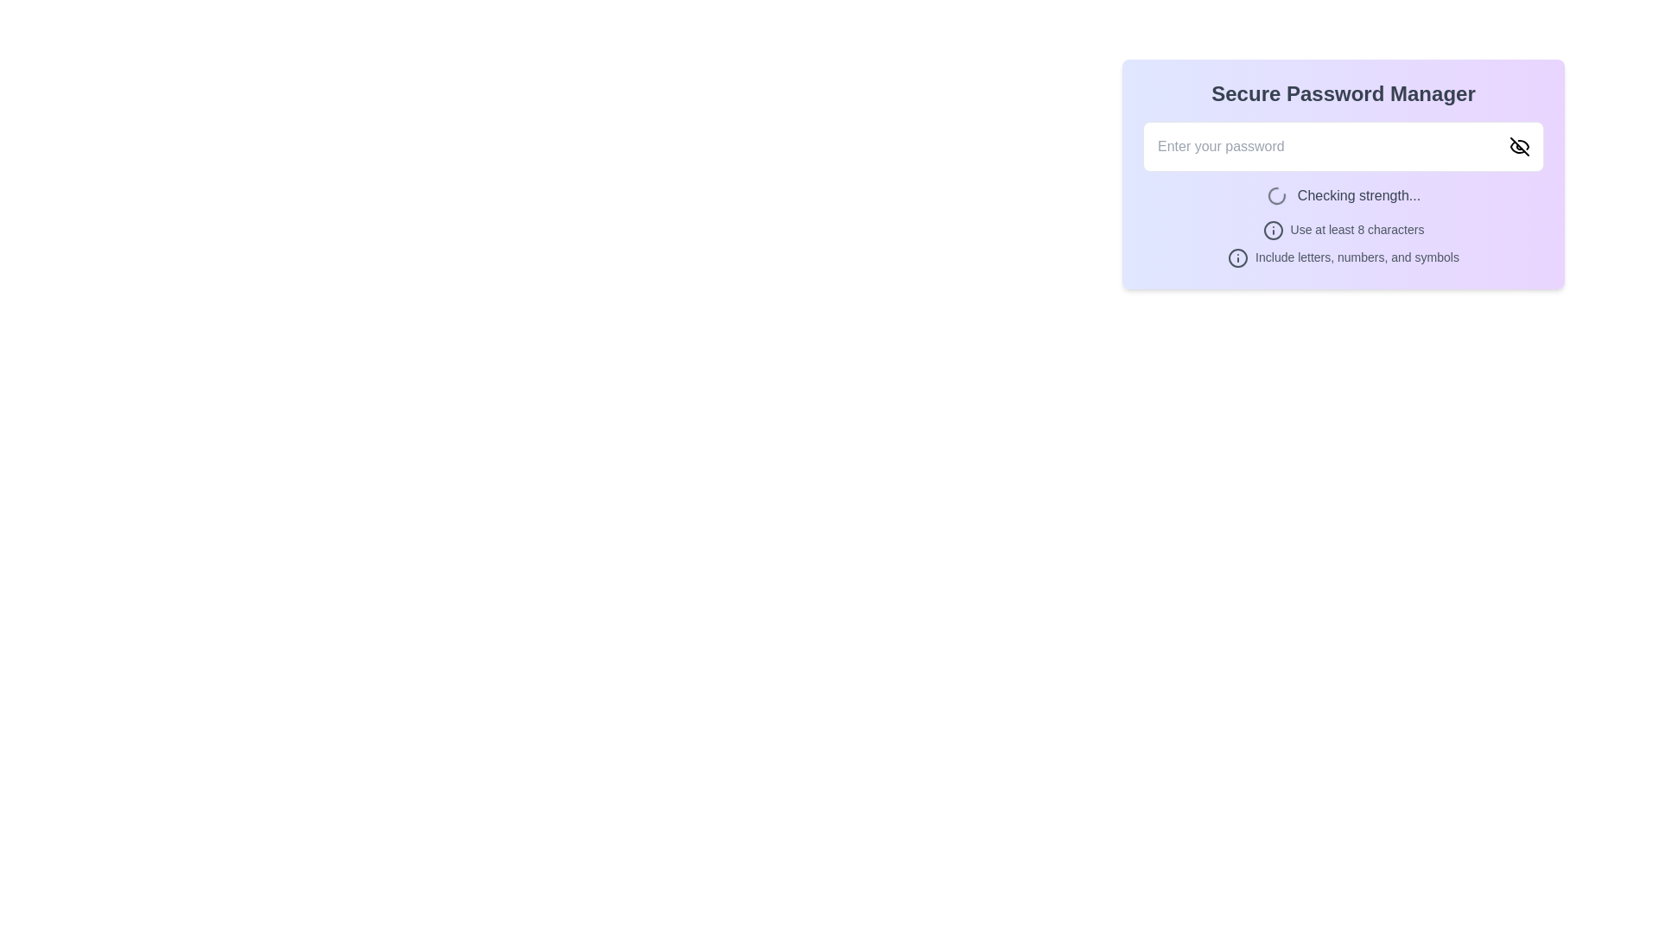 This screenshot has height=933, width=1659. What do you see at coordinates (1358, 195) in the screenshot?
I see `the text label displaying 'Checking strength...' which is bold and medium gray, located to the right of the spinning circular loader icon in the password manager input form` at bounding box center [1358, 195].